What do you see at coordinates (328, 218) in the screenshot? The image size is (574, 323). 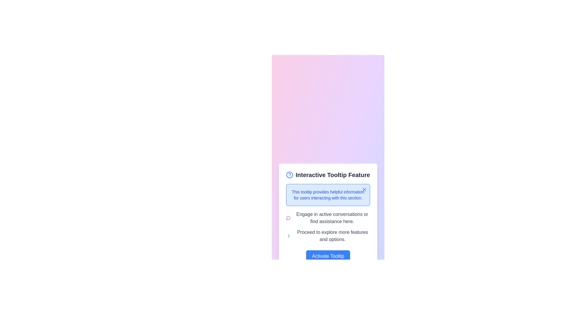 I see `the text description element that provides guidance about participating in discussions` at bounding box center [328, 218].